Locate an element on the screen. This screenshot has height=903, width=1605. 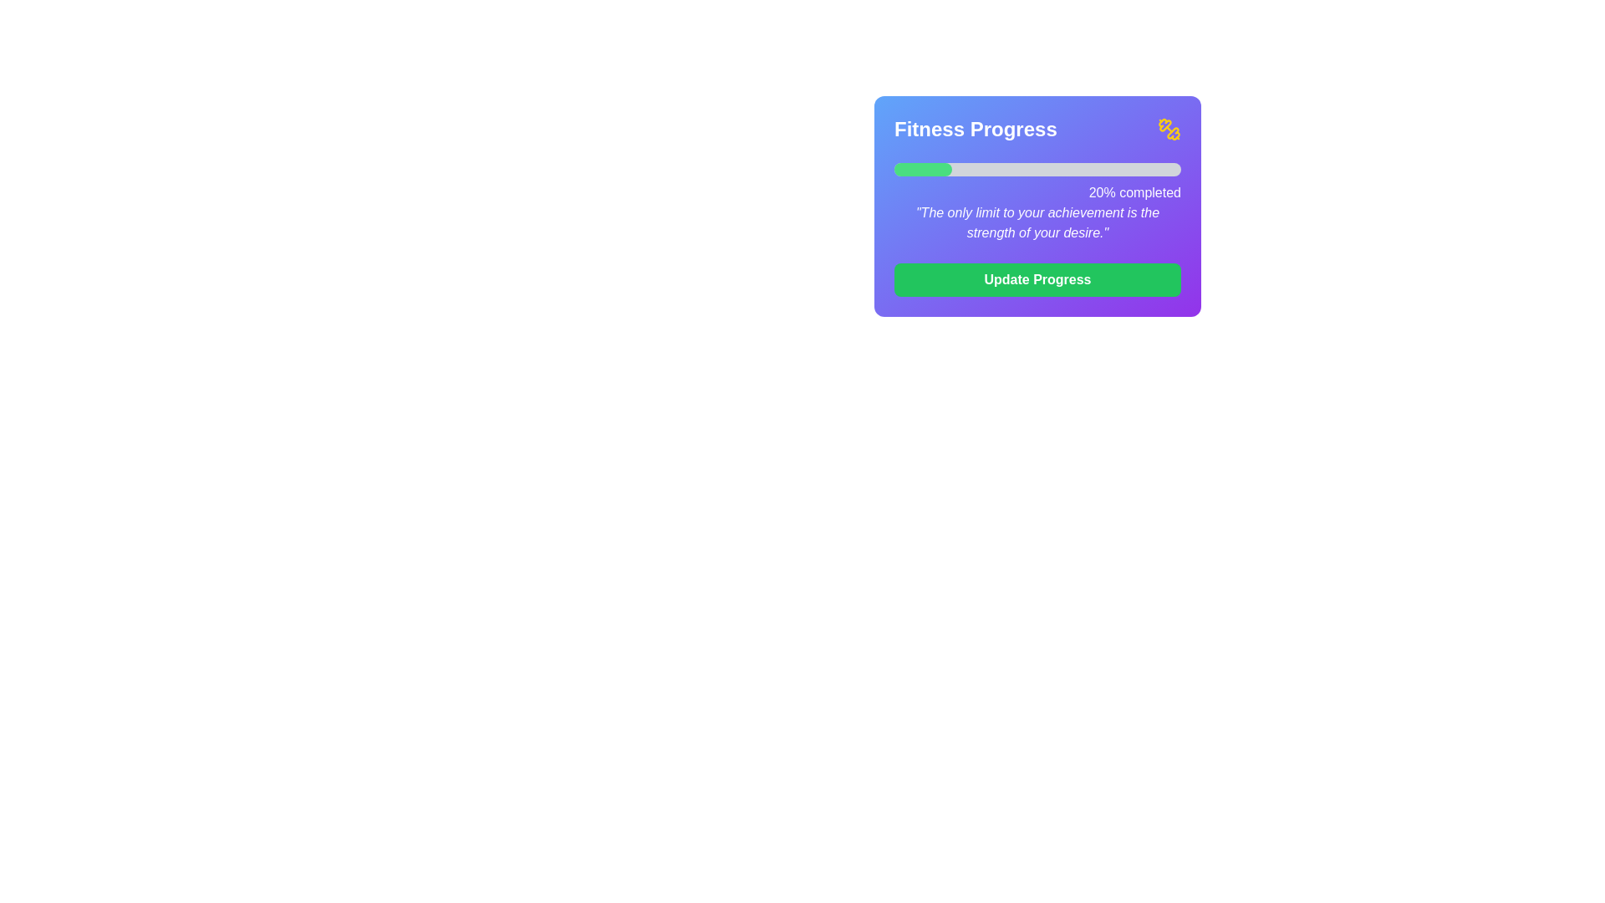
the bright green Progress Indicator at the top left of the progress bar to gauge the current progress, which represents 20% completion is located at coordinates (922, 170).